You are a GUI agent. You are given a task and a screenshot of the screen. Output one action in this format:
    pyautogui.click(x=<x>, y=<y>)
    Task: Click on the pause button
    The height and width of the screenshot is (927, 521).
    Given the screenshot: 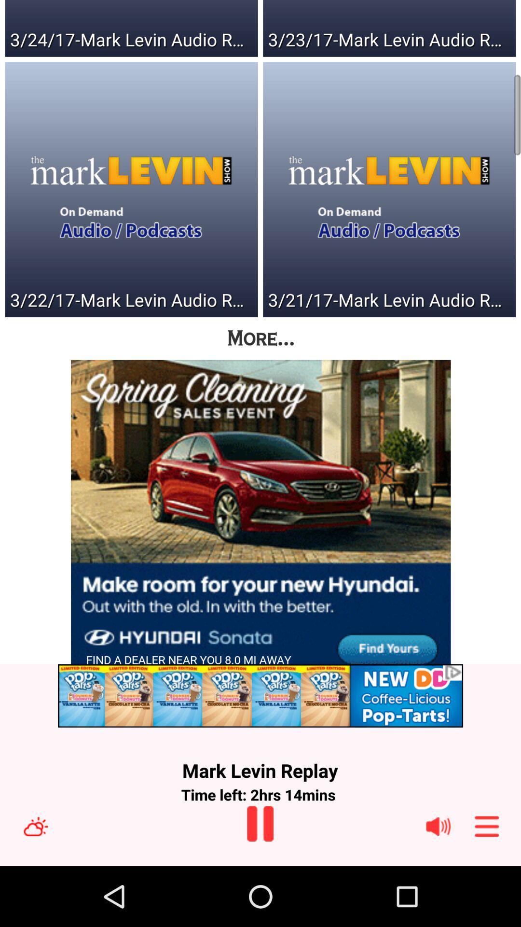 What is the action you would take?
    pyautogui.click(x=260, y=823)
    